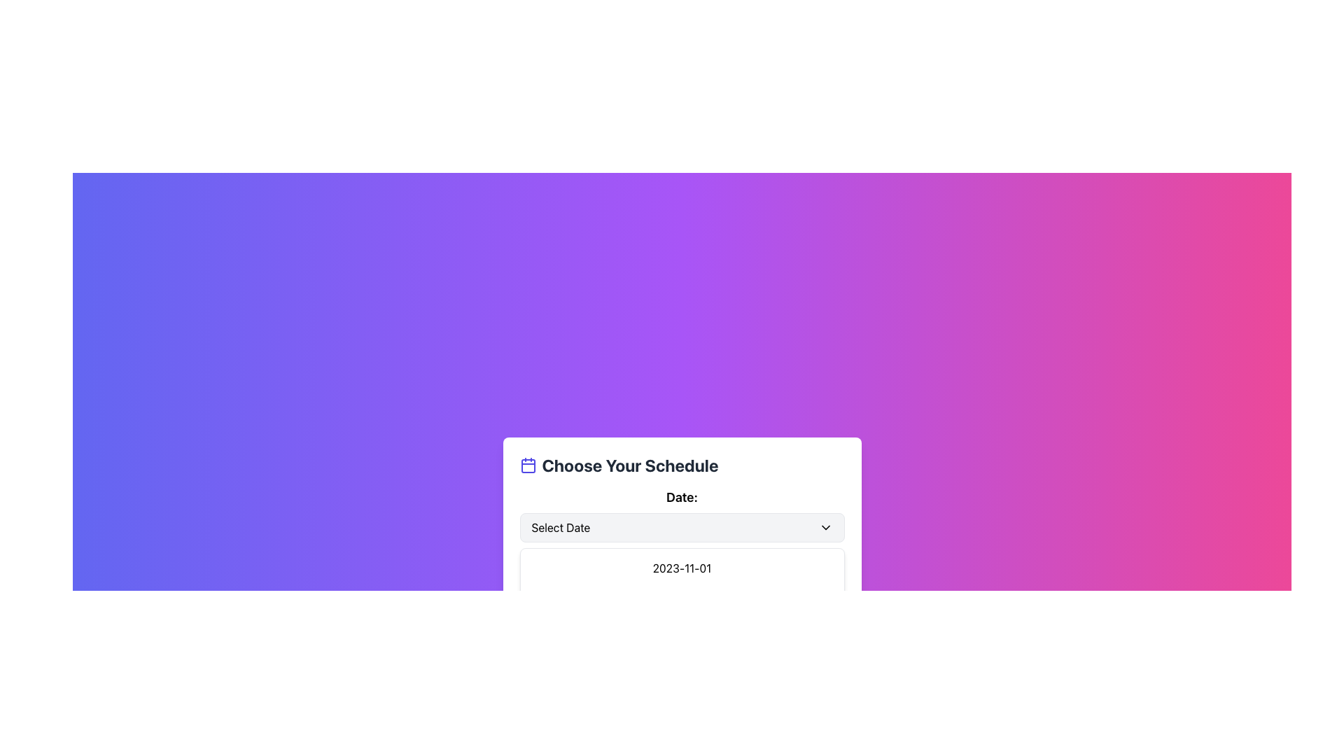 This screenshot has height=756, width=1344. I want to click on a date from the dropdown menu labeled 'Date:' located within the 'Choose Your Schedule' card, which is centrally aligned and positioned above the 'Time:' dropdown, so click(682, 515).